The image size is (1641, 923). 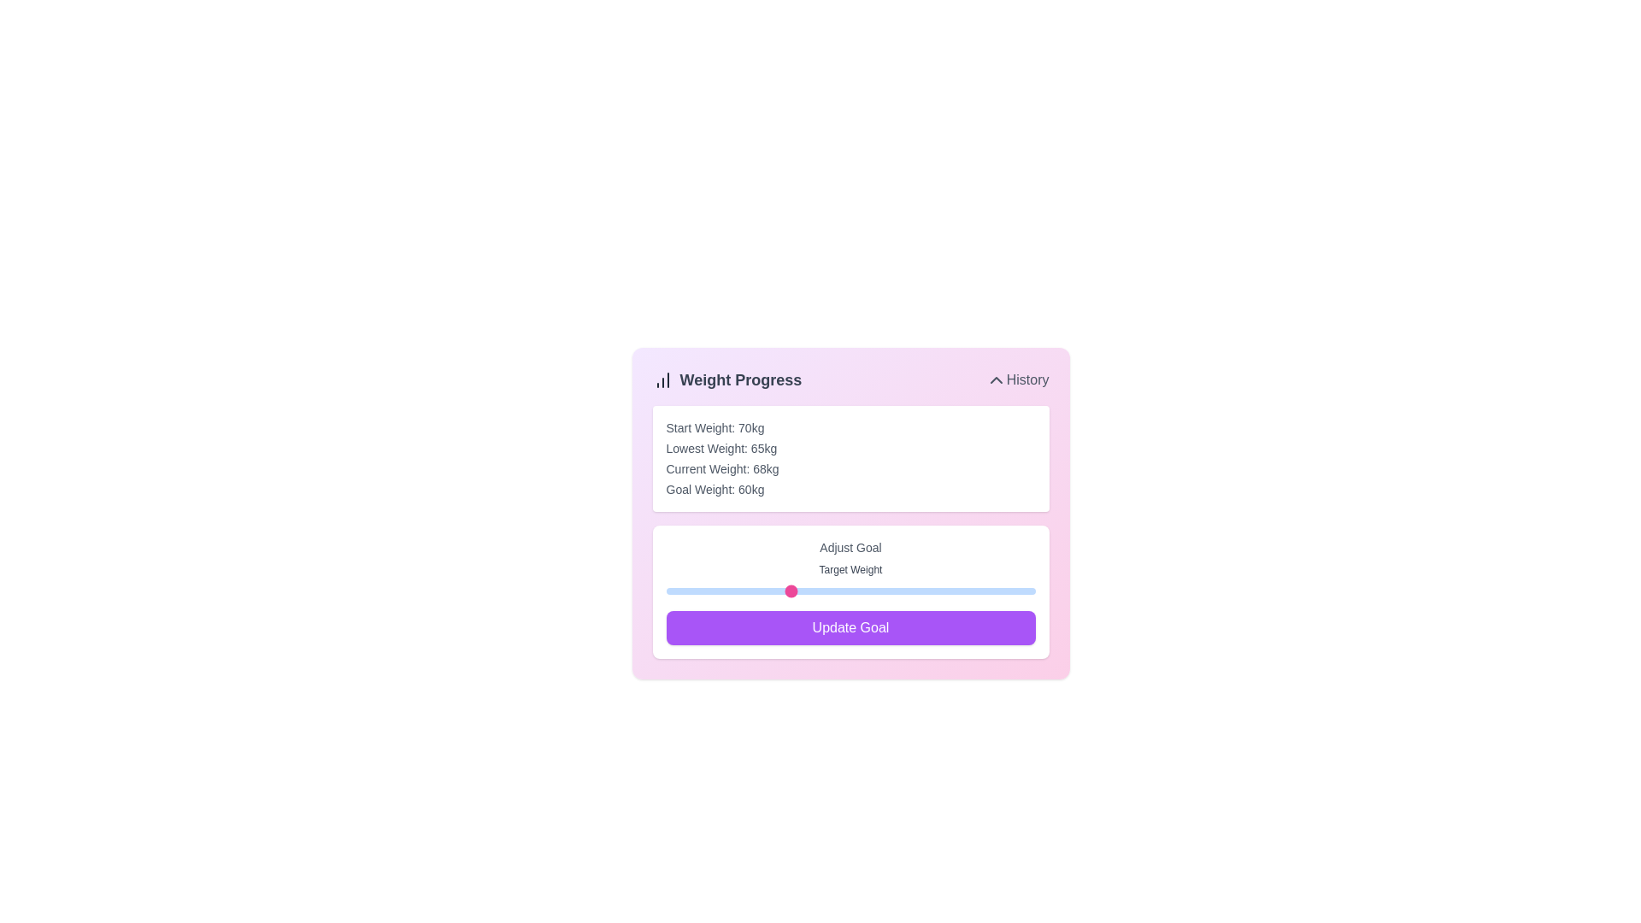 I want to click on the goal weight slider to 68 kg, so click(x=887, y=590).